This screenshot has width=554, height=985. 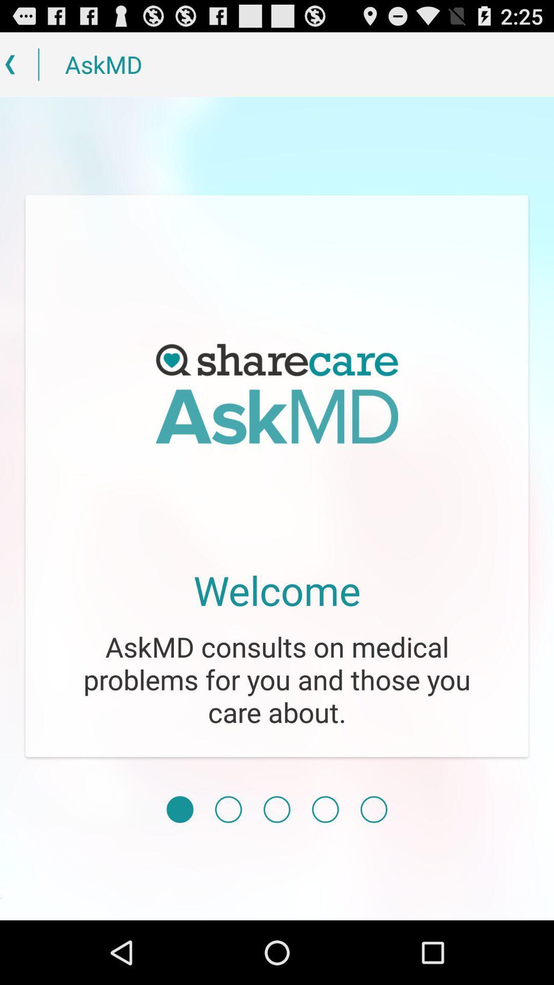 What do you see at coordinates (374, 809) in the screenshot?
I see `icon below askmd consults on icon` at bounding box center [374, 809].